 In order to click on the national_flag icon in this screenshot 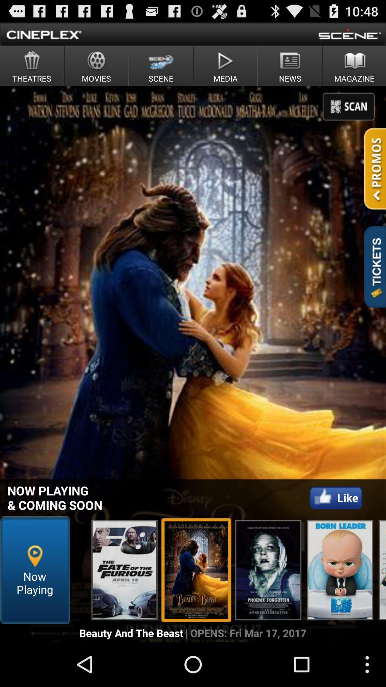, I will do `click(374, 182)`.